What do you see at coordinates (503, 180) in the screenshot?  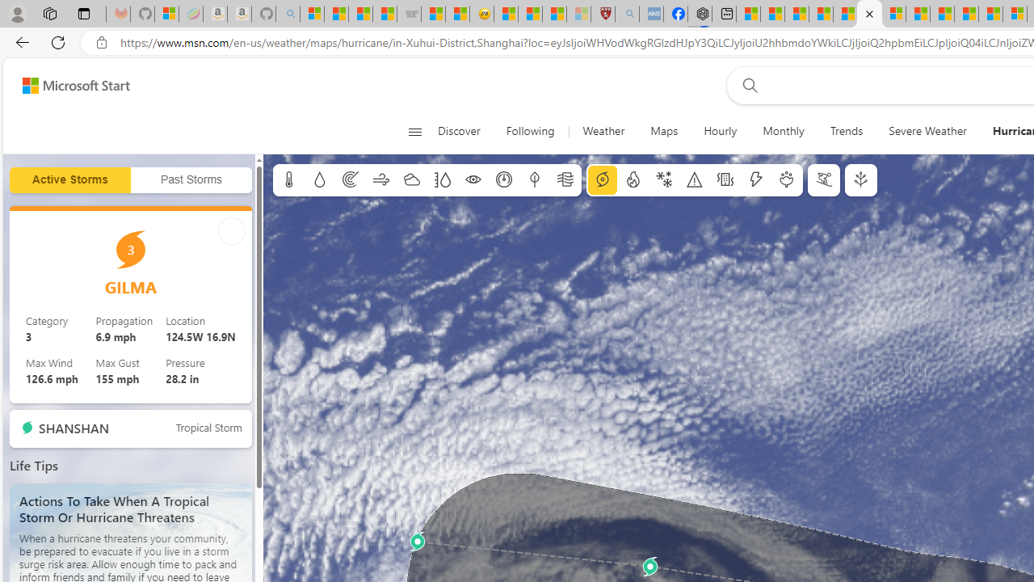 I see `'Sea level pressure'` at bounding box center [503, 180].